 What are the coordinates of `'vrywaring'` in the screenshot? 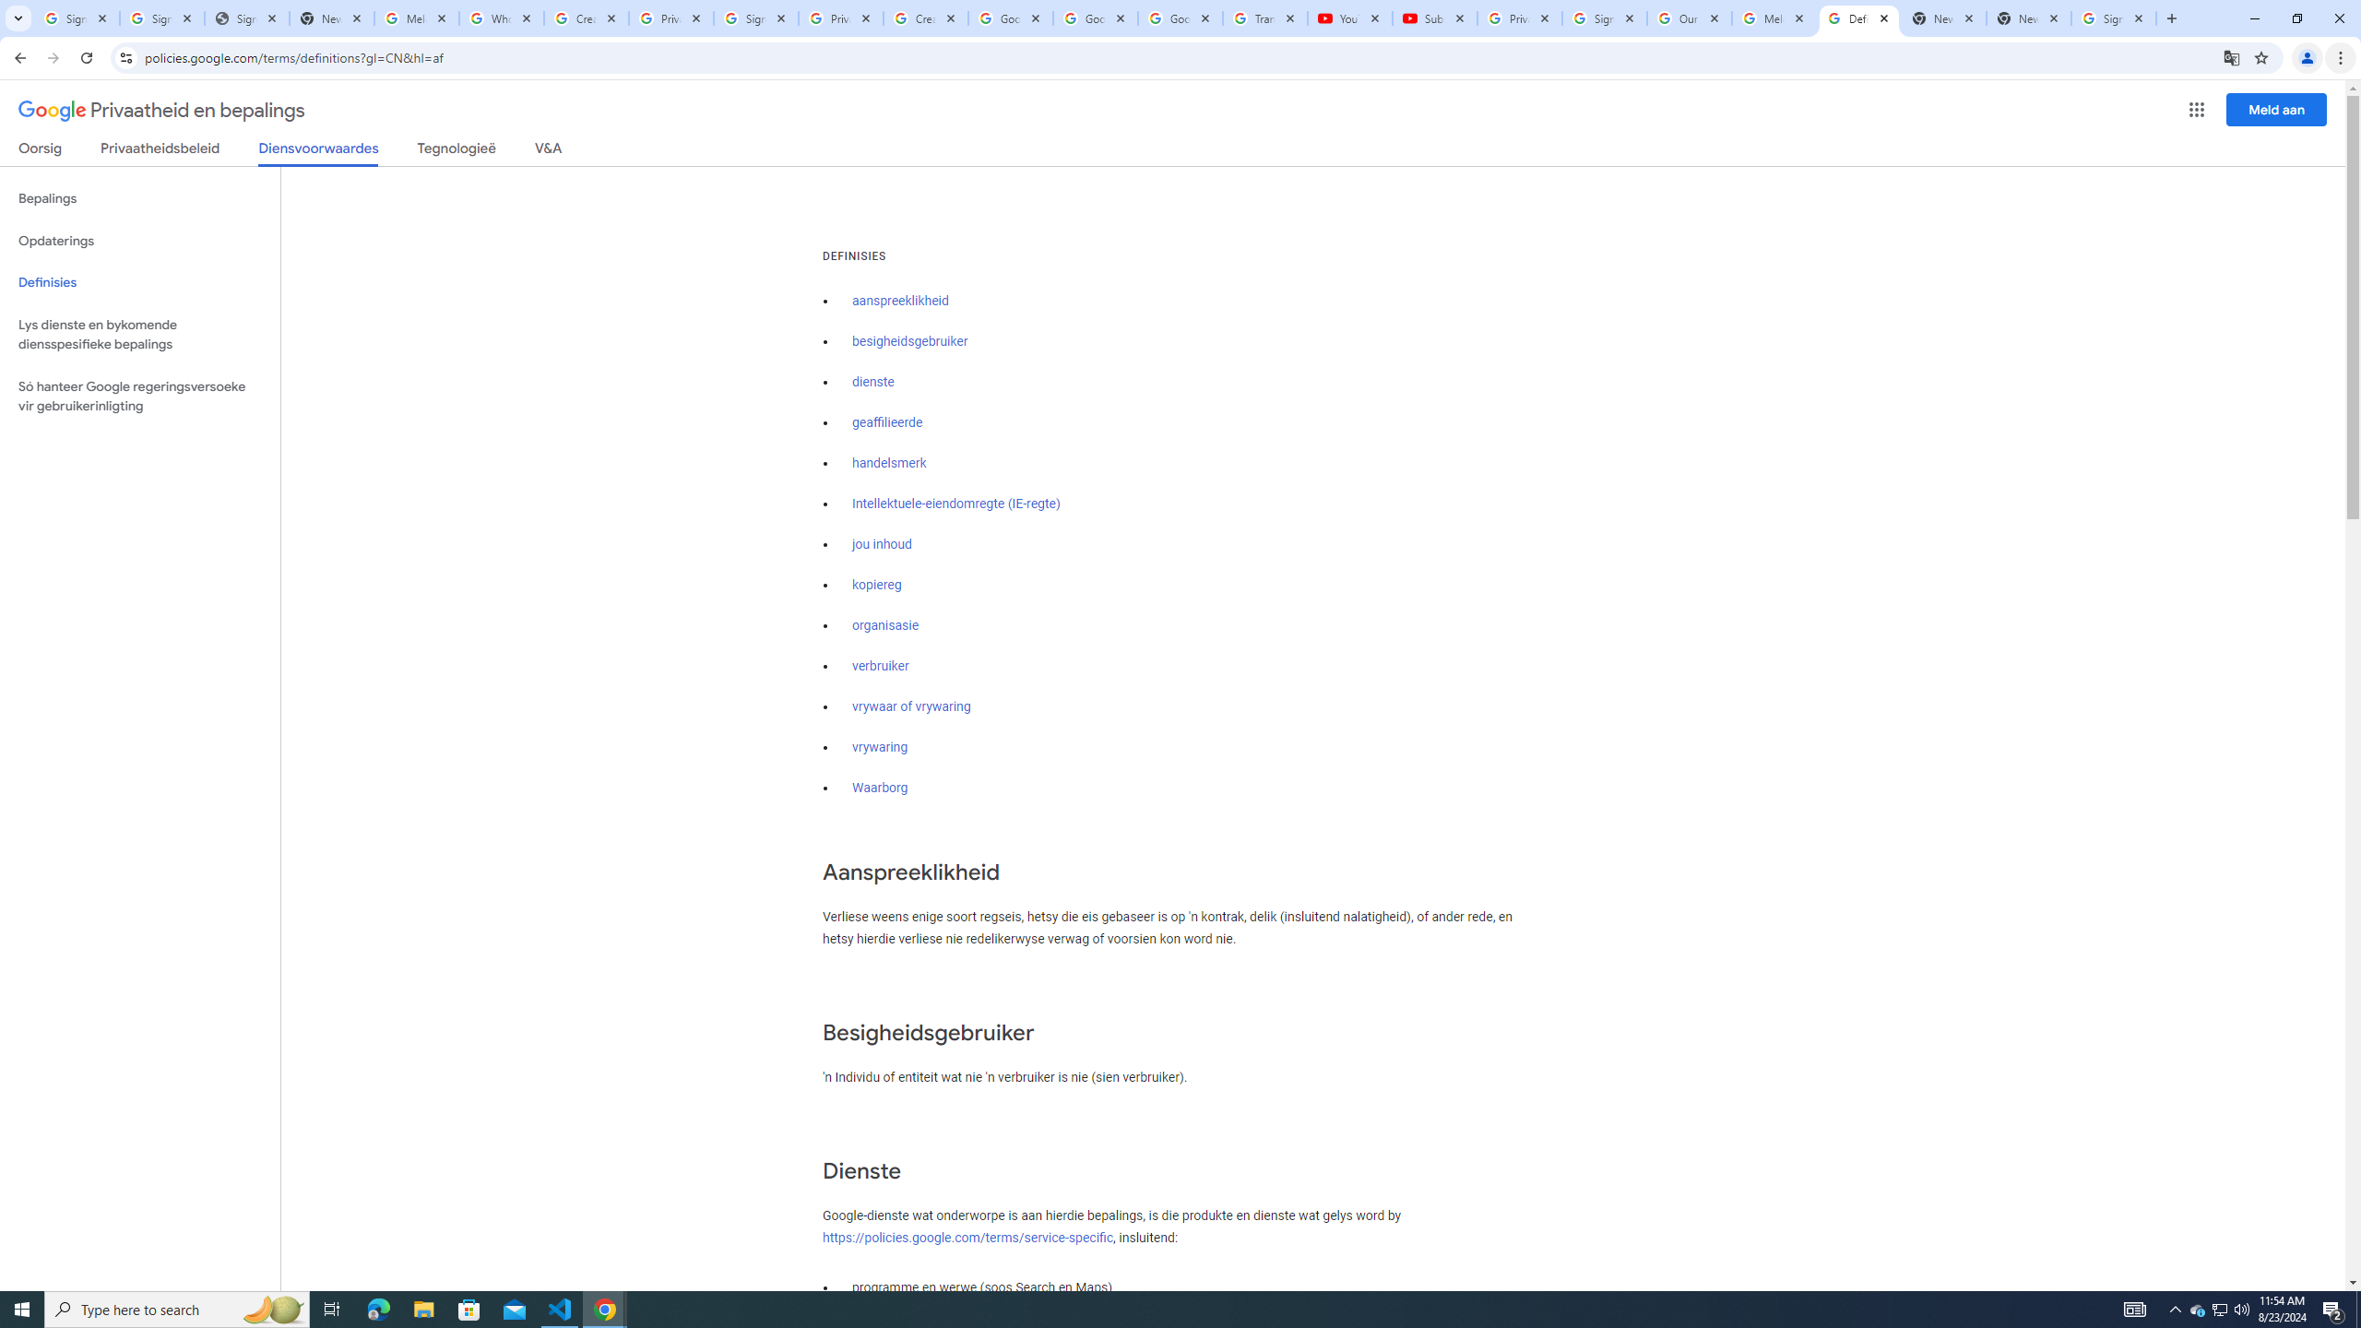 It's located at (879, 746).